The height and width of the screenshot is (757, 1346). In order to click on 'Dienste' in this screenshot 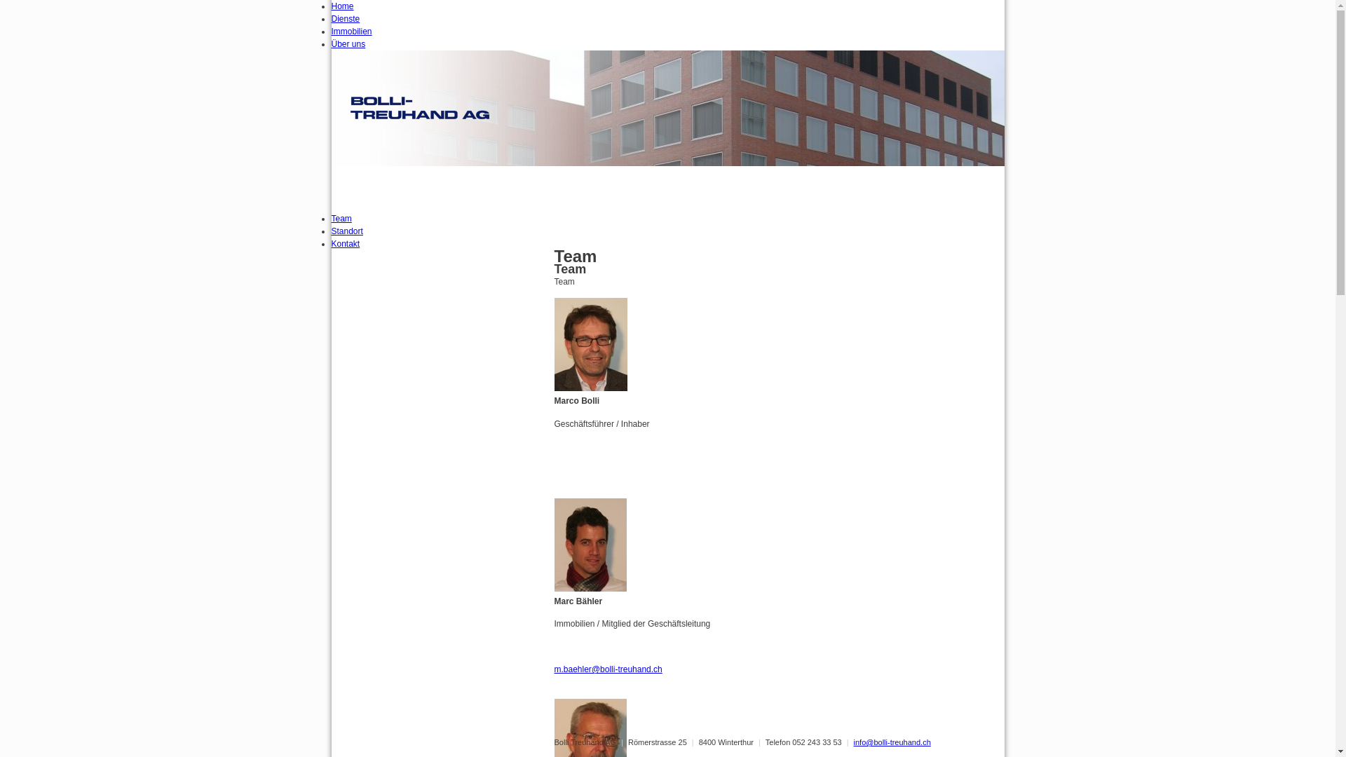, I will do `click(329, 19)`.